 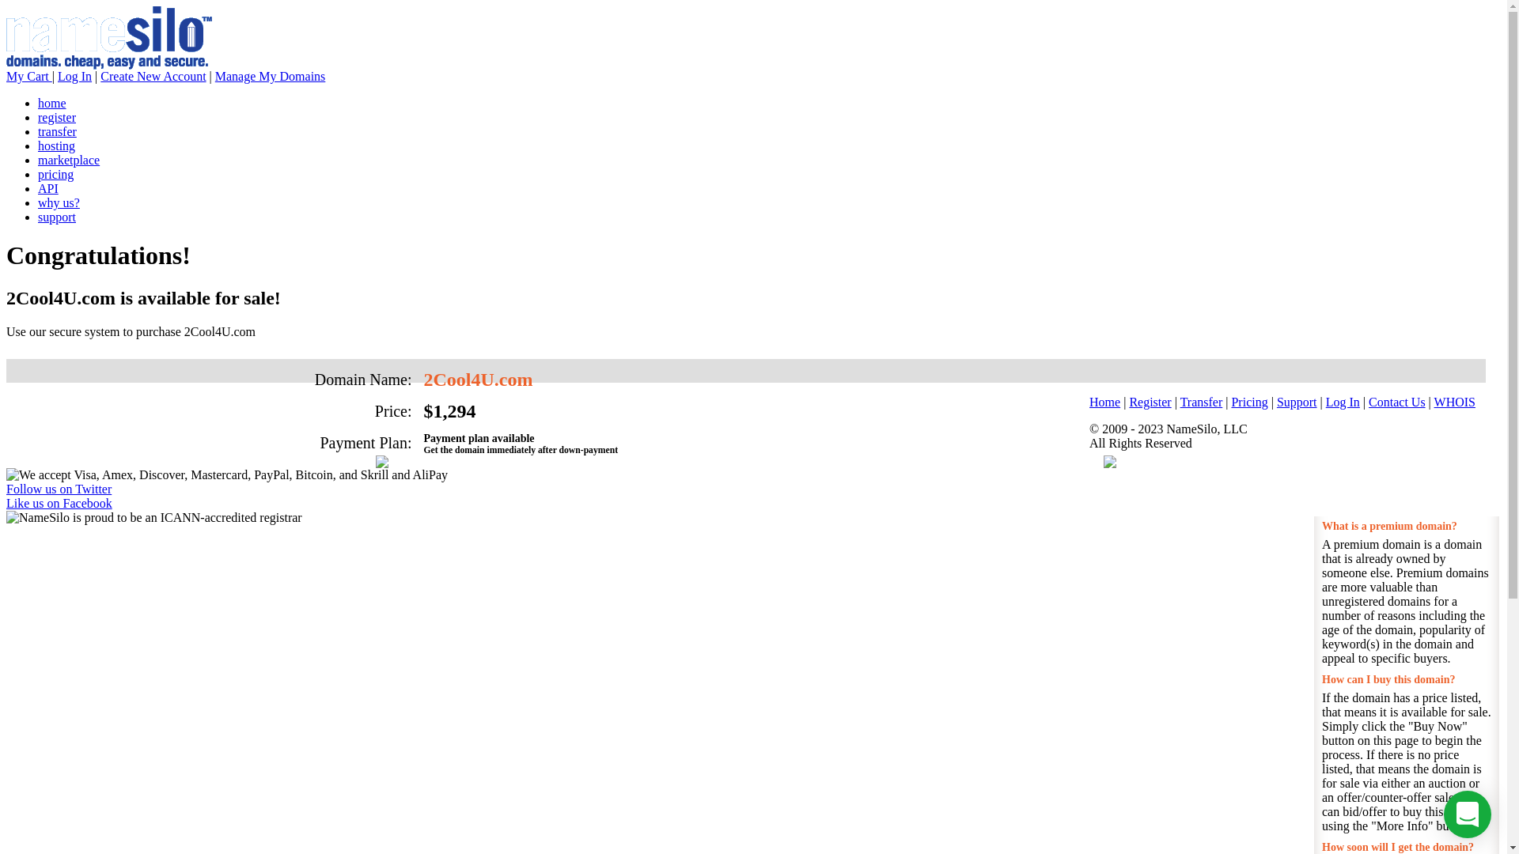 What do you see at coordinates (38, 130) in the screenshot?
I see `'transfer'` at bounding box center [38, 130].